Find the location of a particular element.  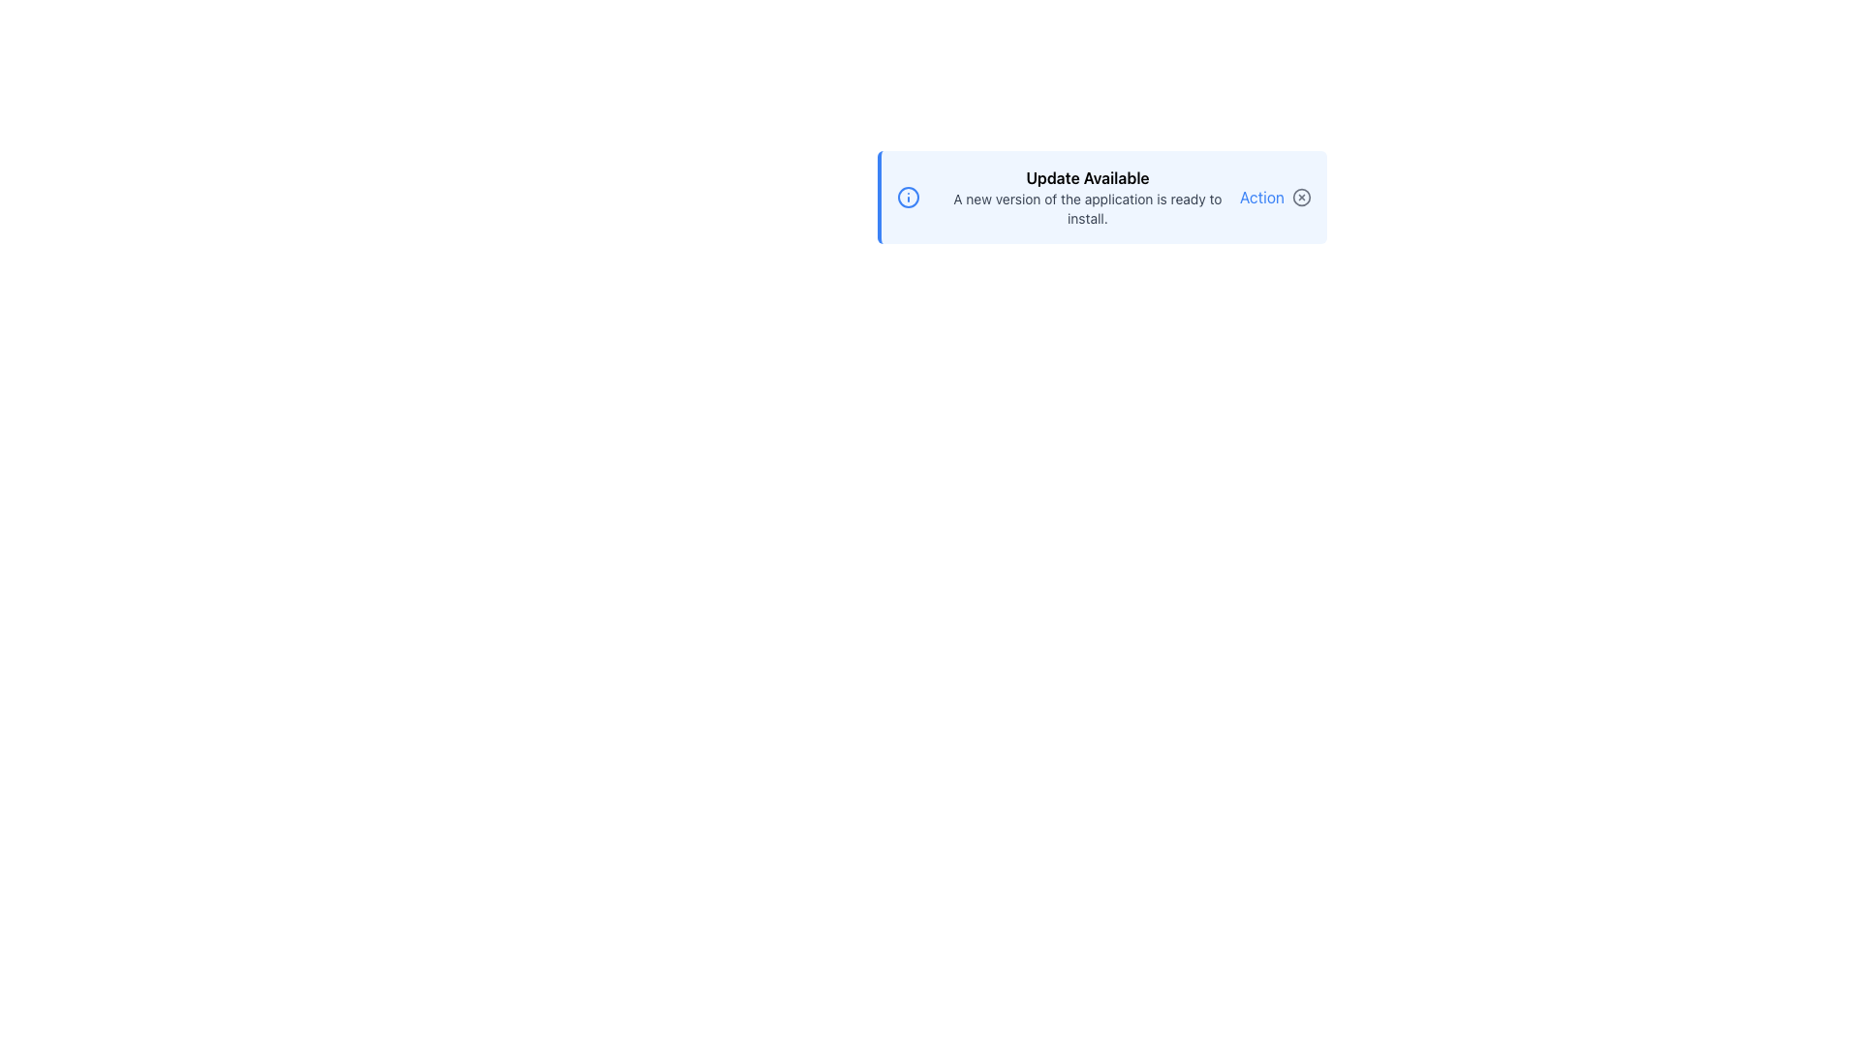

notification in the Notification Section that informs about the new version of the application, which is centrally positioned within a blue background box is located at coordinates (1088, 198).